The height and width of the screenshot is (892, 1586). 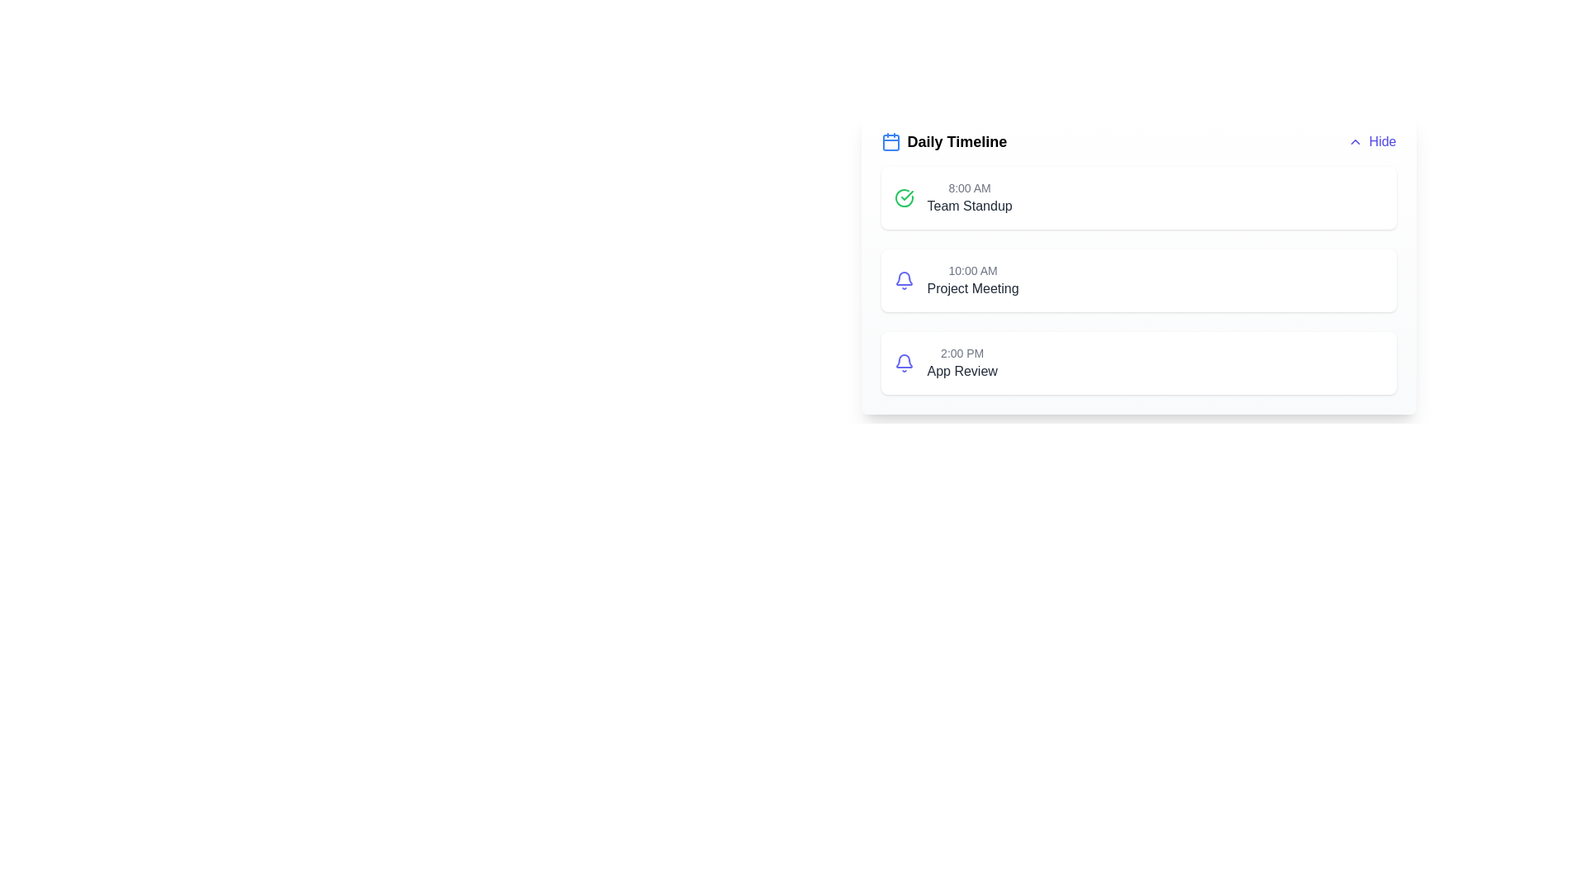 What do you see at coordinates (903, 279) in the screenshot?
I see `the bell icon with a light blue outline indicating an alert, which is located to the left of the '10:00 AM Project Meeting' segment on the timeline interface` at bounding box center [903, 279].